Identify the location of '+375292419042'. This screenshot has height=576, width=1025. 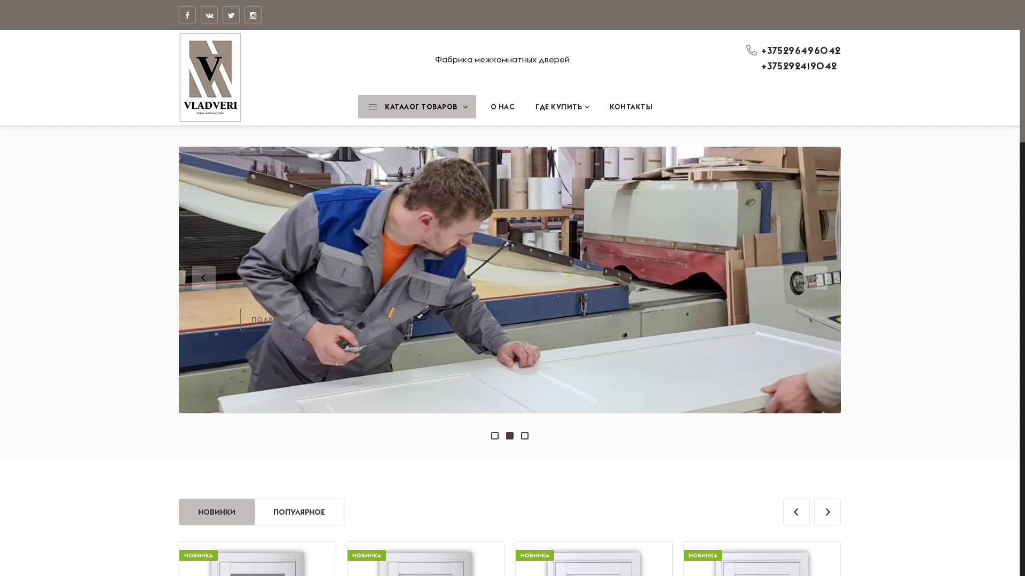
(760, 66).